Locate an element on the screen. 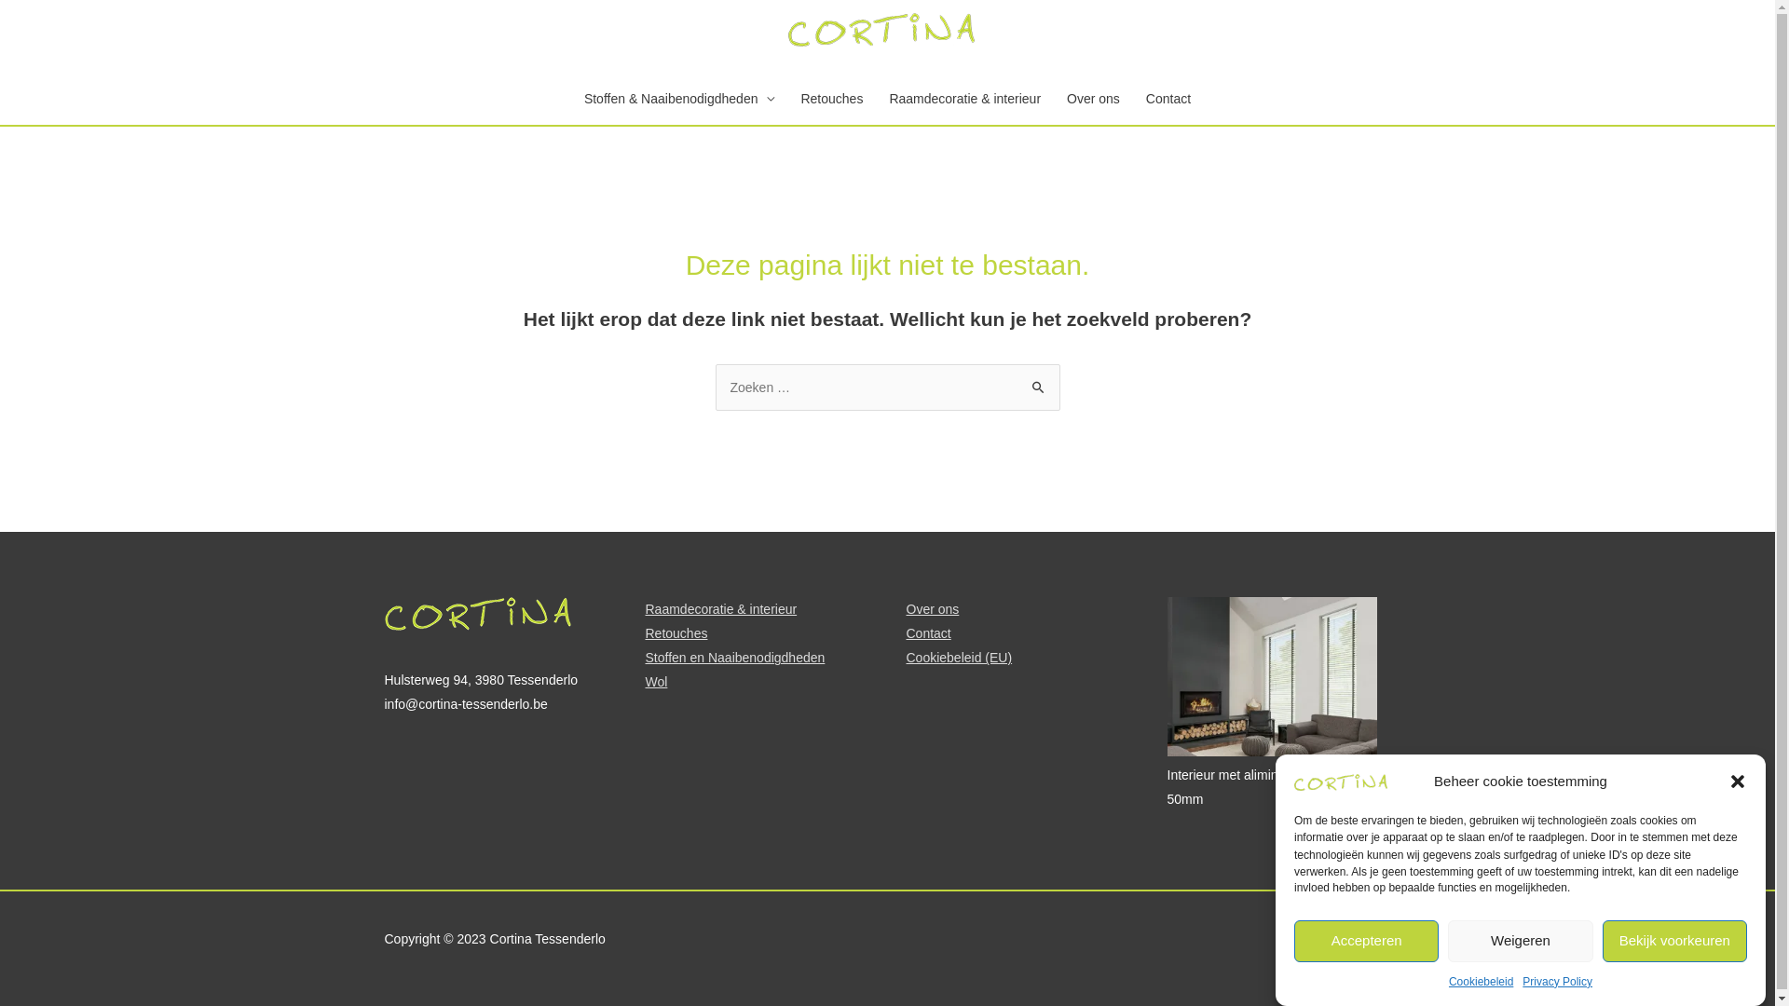 Image resolution: width=1789 pixels, height=1006 pixels. 'Stoffen & Naaibenodigdheden' is located at coordinates (570, 98).